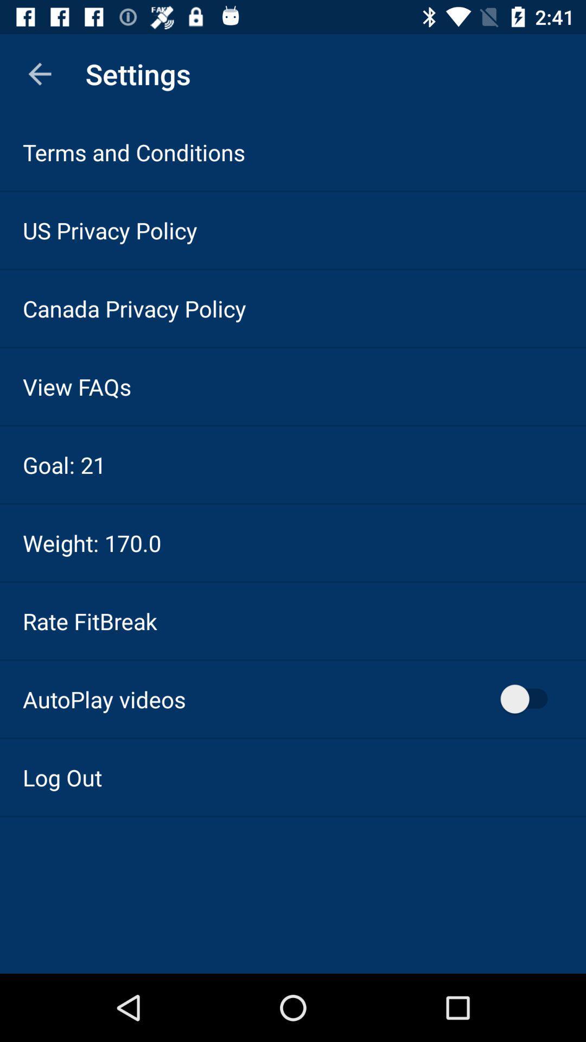 This screenshot has width=586, height=1042. Describe the element at coordinates (62, 777) in the screenshot. I see `the log out item` at that location.